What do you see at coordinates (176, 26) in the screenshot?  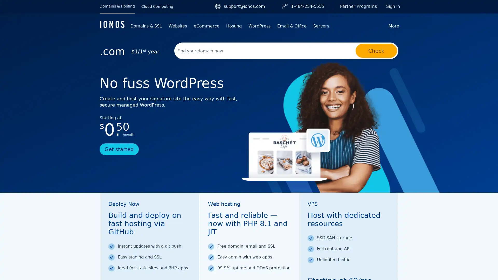 I see `Websites` at bounding box center [176, 26].